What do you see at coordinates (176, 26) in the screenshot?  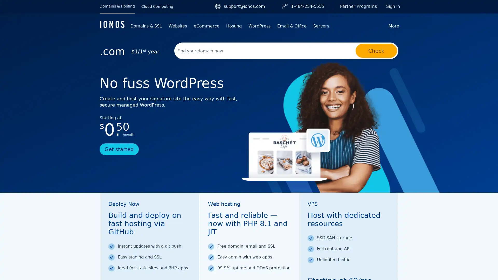 I see `Websites` at bounding box center [176, 26].